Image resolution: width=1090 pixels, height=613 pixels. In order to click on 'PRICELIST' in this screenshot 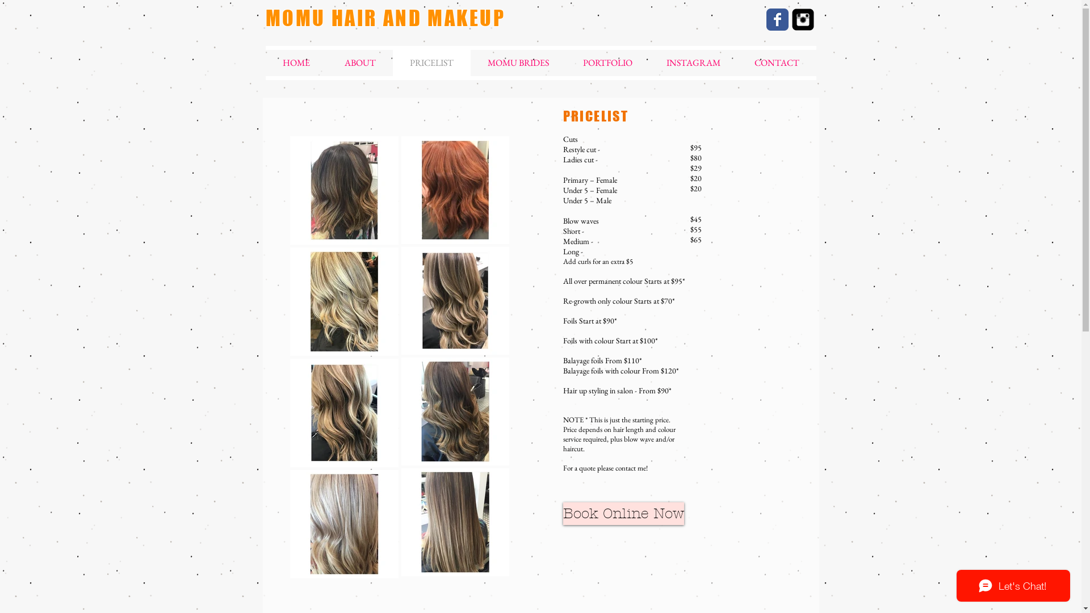, I will do `click(431, 63)`.